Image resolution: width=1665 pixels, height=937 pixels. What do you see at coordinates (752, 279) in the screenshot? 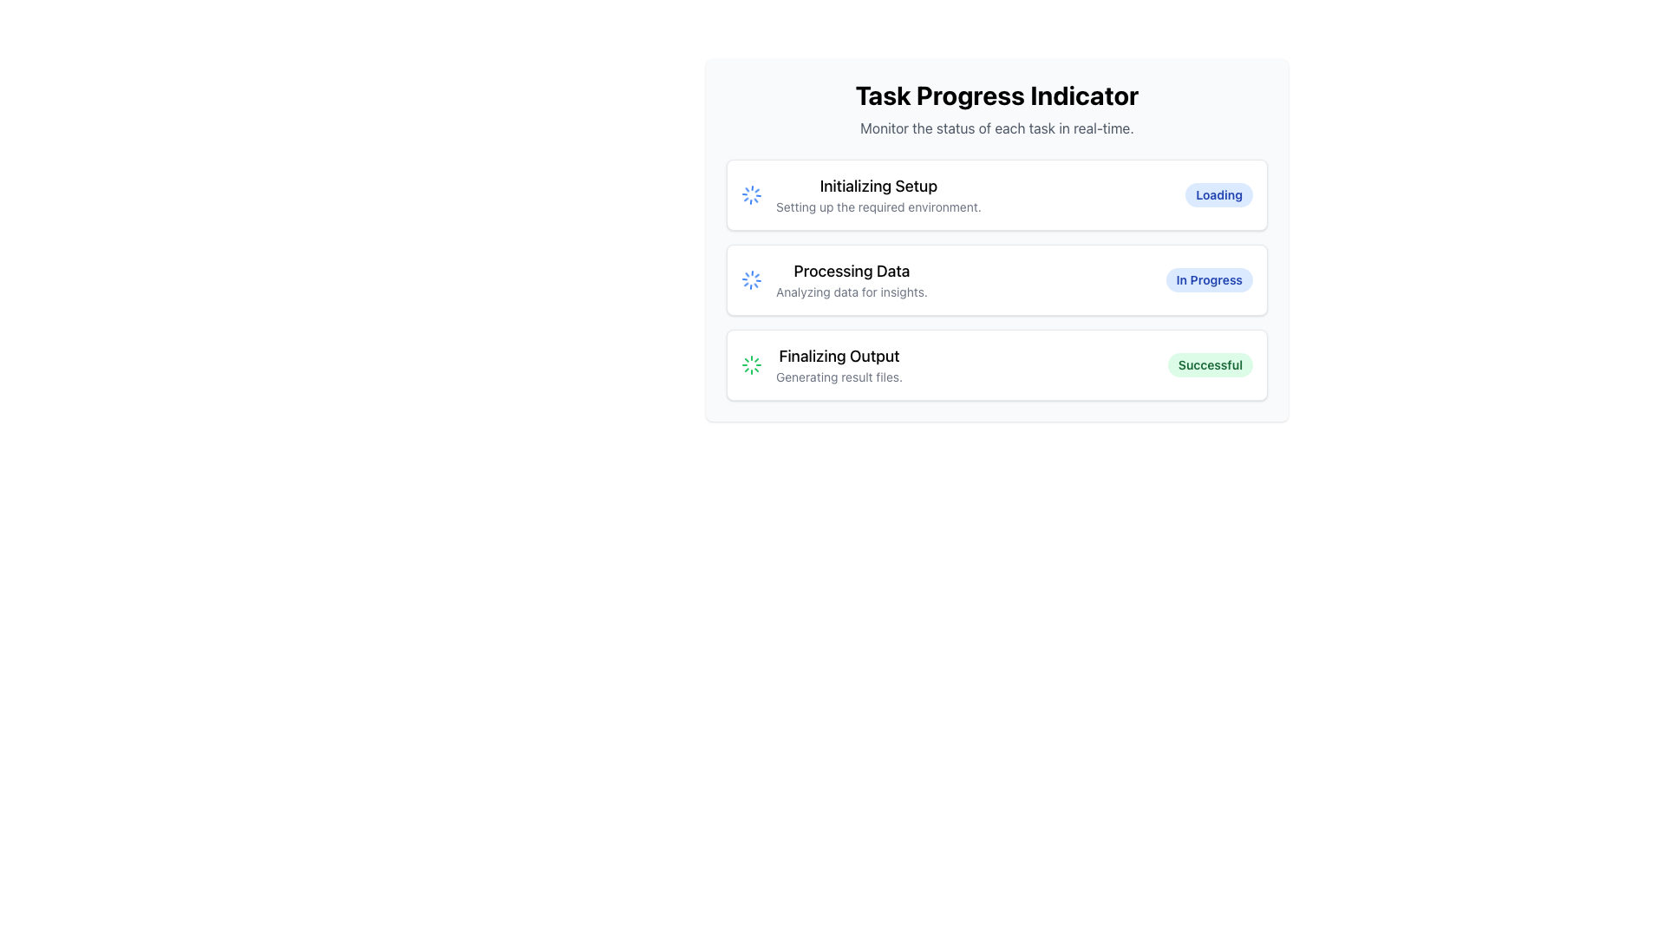
I see `the Animated Loader Icon that indicates an active 'Processing Data' task, located to the left of the descriptive text in the second row of the task list` at bounding box center [752, 279].